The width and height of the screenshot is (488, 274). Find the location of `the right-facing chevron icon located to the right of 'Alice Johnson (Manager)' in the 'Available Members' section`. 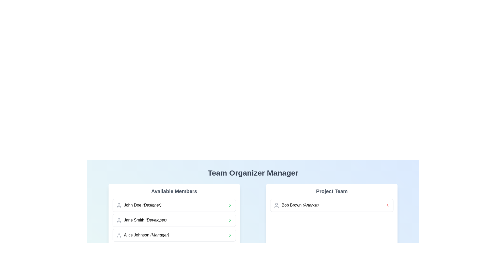

the right-facing chevron icon located to the right of 'Alice Johnson (Manager)' in the 'Available Members' section is located at coordinates (230, 205).